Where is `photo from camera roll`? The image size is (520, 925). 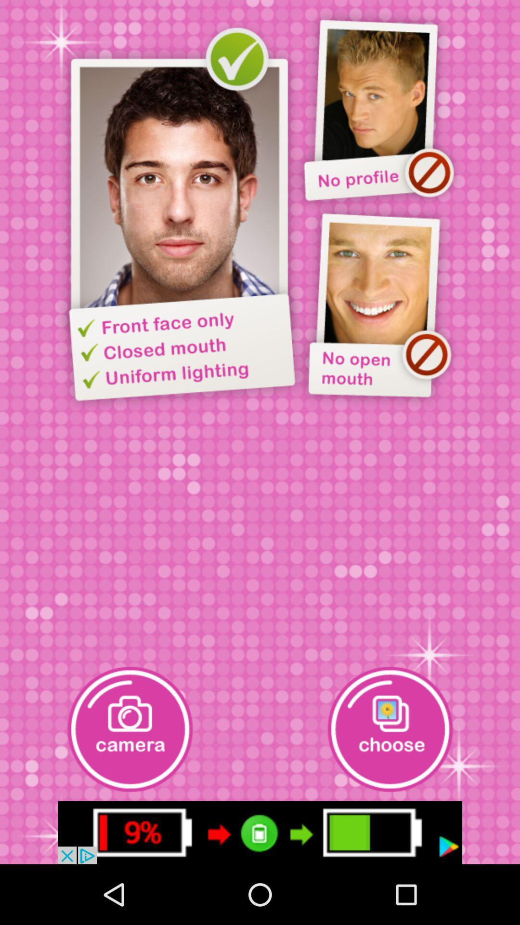
photo from camera roll is located at coordinates (390, 729).